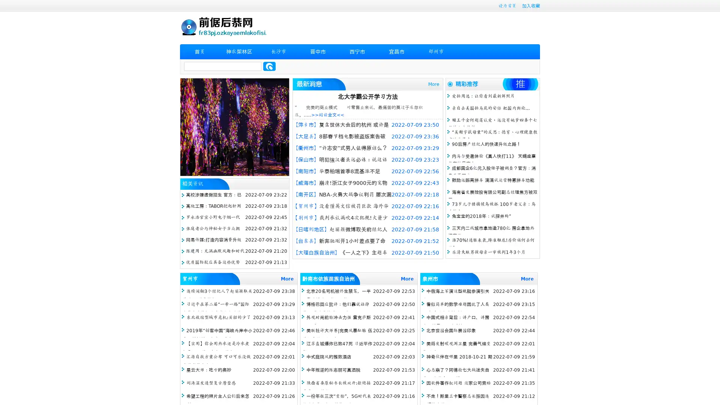  I want to click on Search, so click(269, 66).